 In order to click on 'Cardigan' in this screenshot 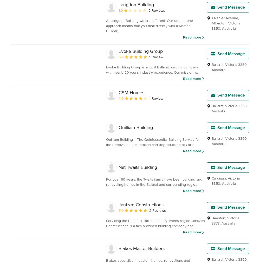, I will do `click(218, 178)`.